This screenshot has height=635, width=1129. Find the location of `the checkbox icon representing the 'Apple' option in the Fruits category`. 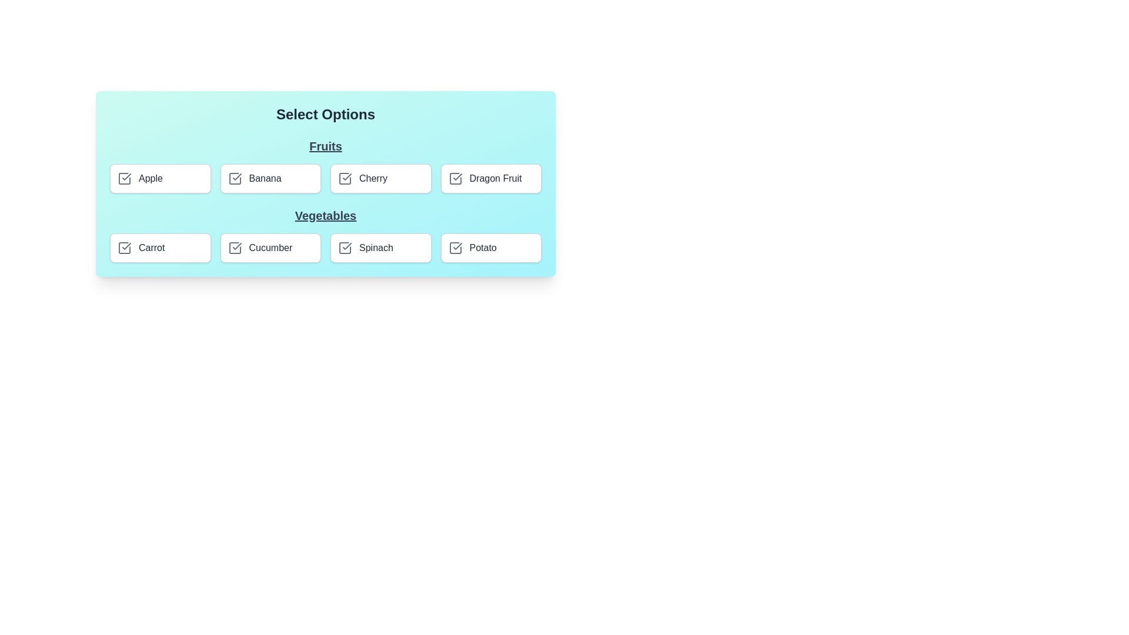

the checkbox icon representing the 'Apple' option in the Fruits category is located at coordinates (124, 179).